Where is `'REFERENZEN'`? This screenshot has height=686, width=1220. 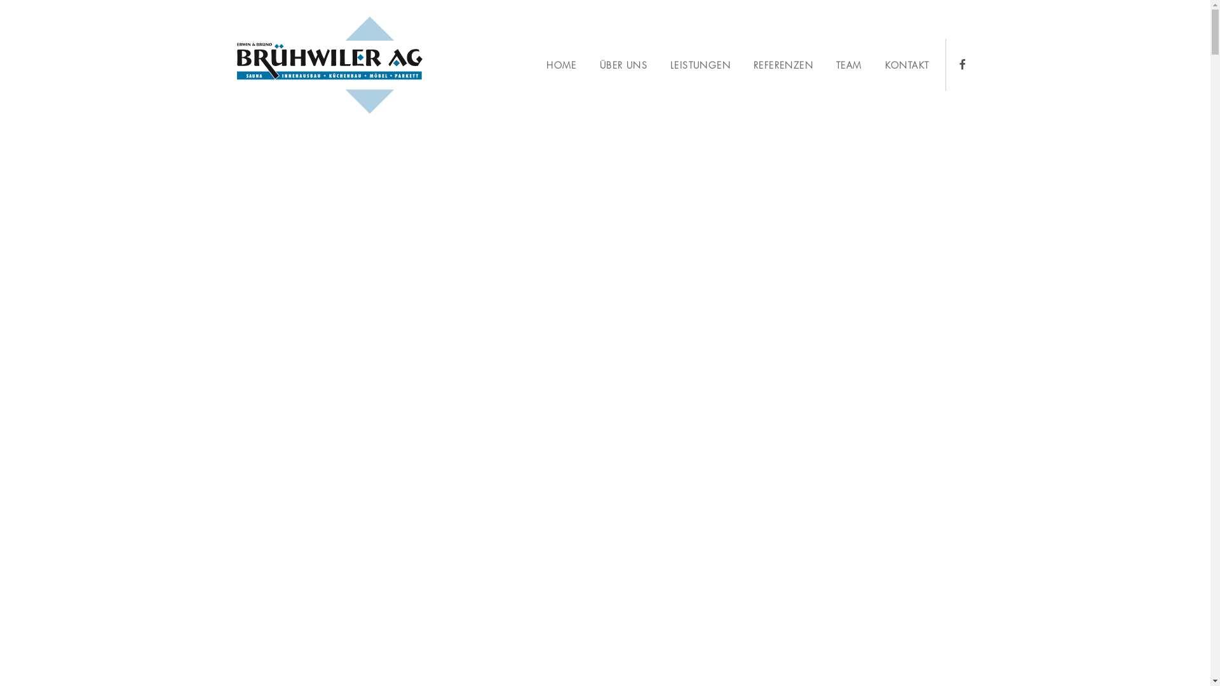 'REFERENZEN' is located at coordinates (783, 65).